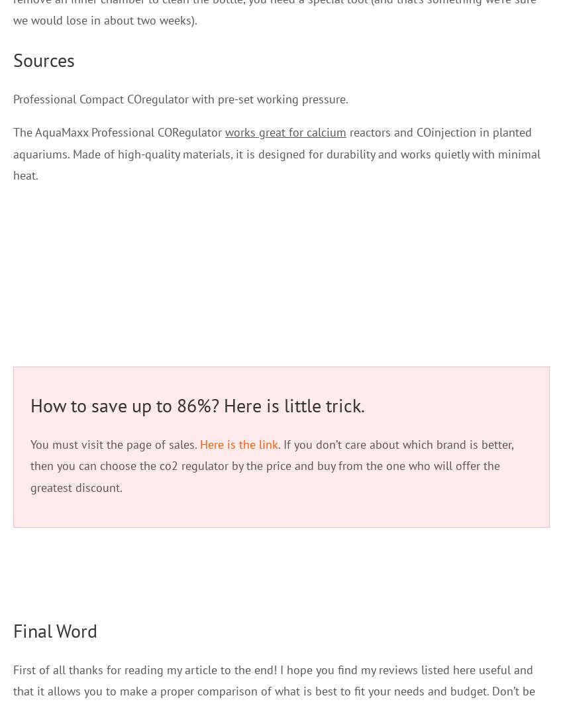 The width and height of the screenshot is (563, 706). Describe the element at coordinates (119, 131) in the screenshot. I see `'The AquaMaxx Professional CORegulator'` at that location.